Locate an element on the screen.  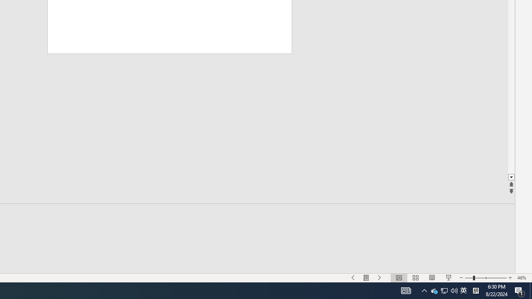
'Q2790: 100%' is located at coordinates (454, 290).